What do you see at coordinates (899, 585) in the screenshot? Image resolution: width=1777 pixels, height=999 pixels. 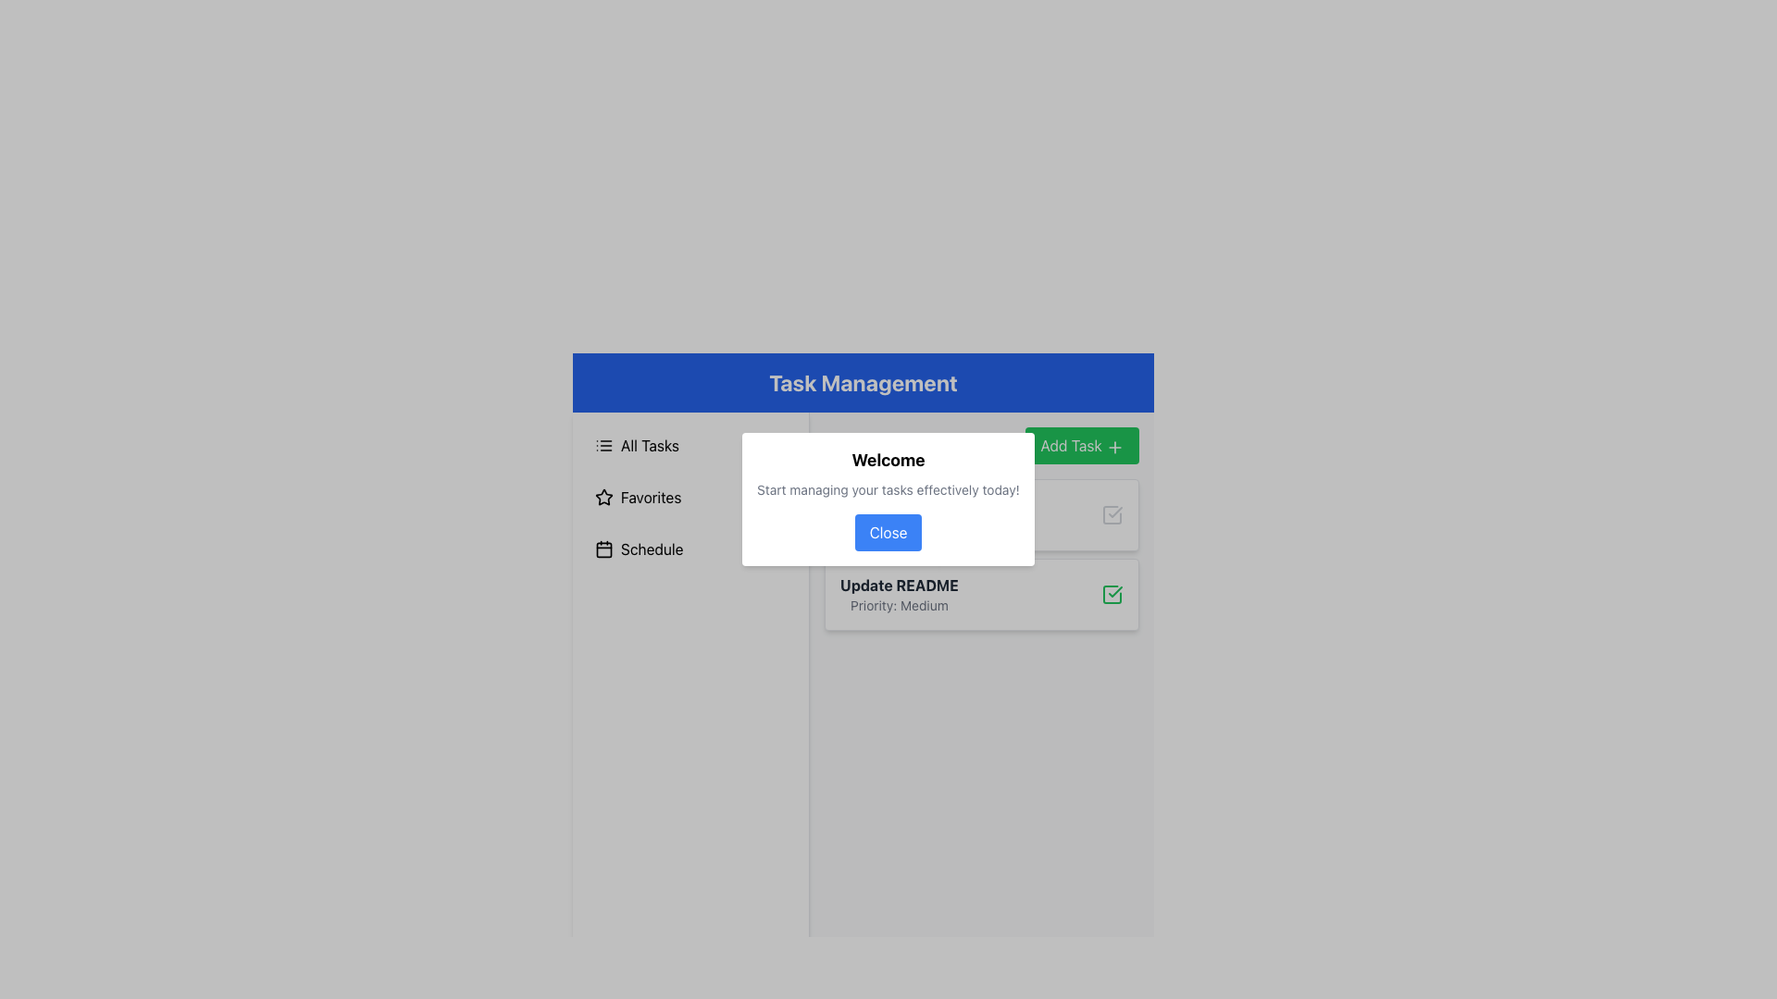 I see `the text label displaying 'Update README' in bold gray font, located above the 'Priority: Medium' label within the modal interface` at bounding box center [899, 585].